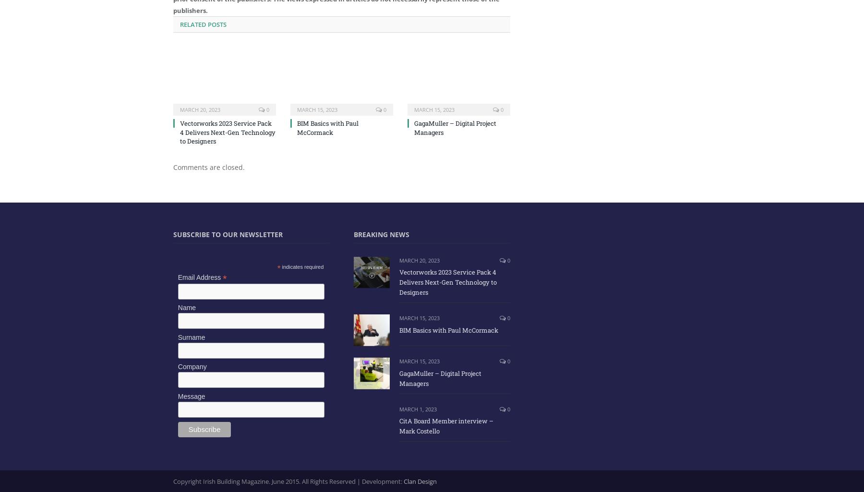 The width and height of the screenshot is (864, 492). Describe the element at coordinates (216, 24) in the screenshot. I see `'Posts'` at that location.